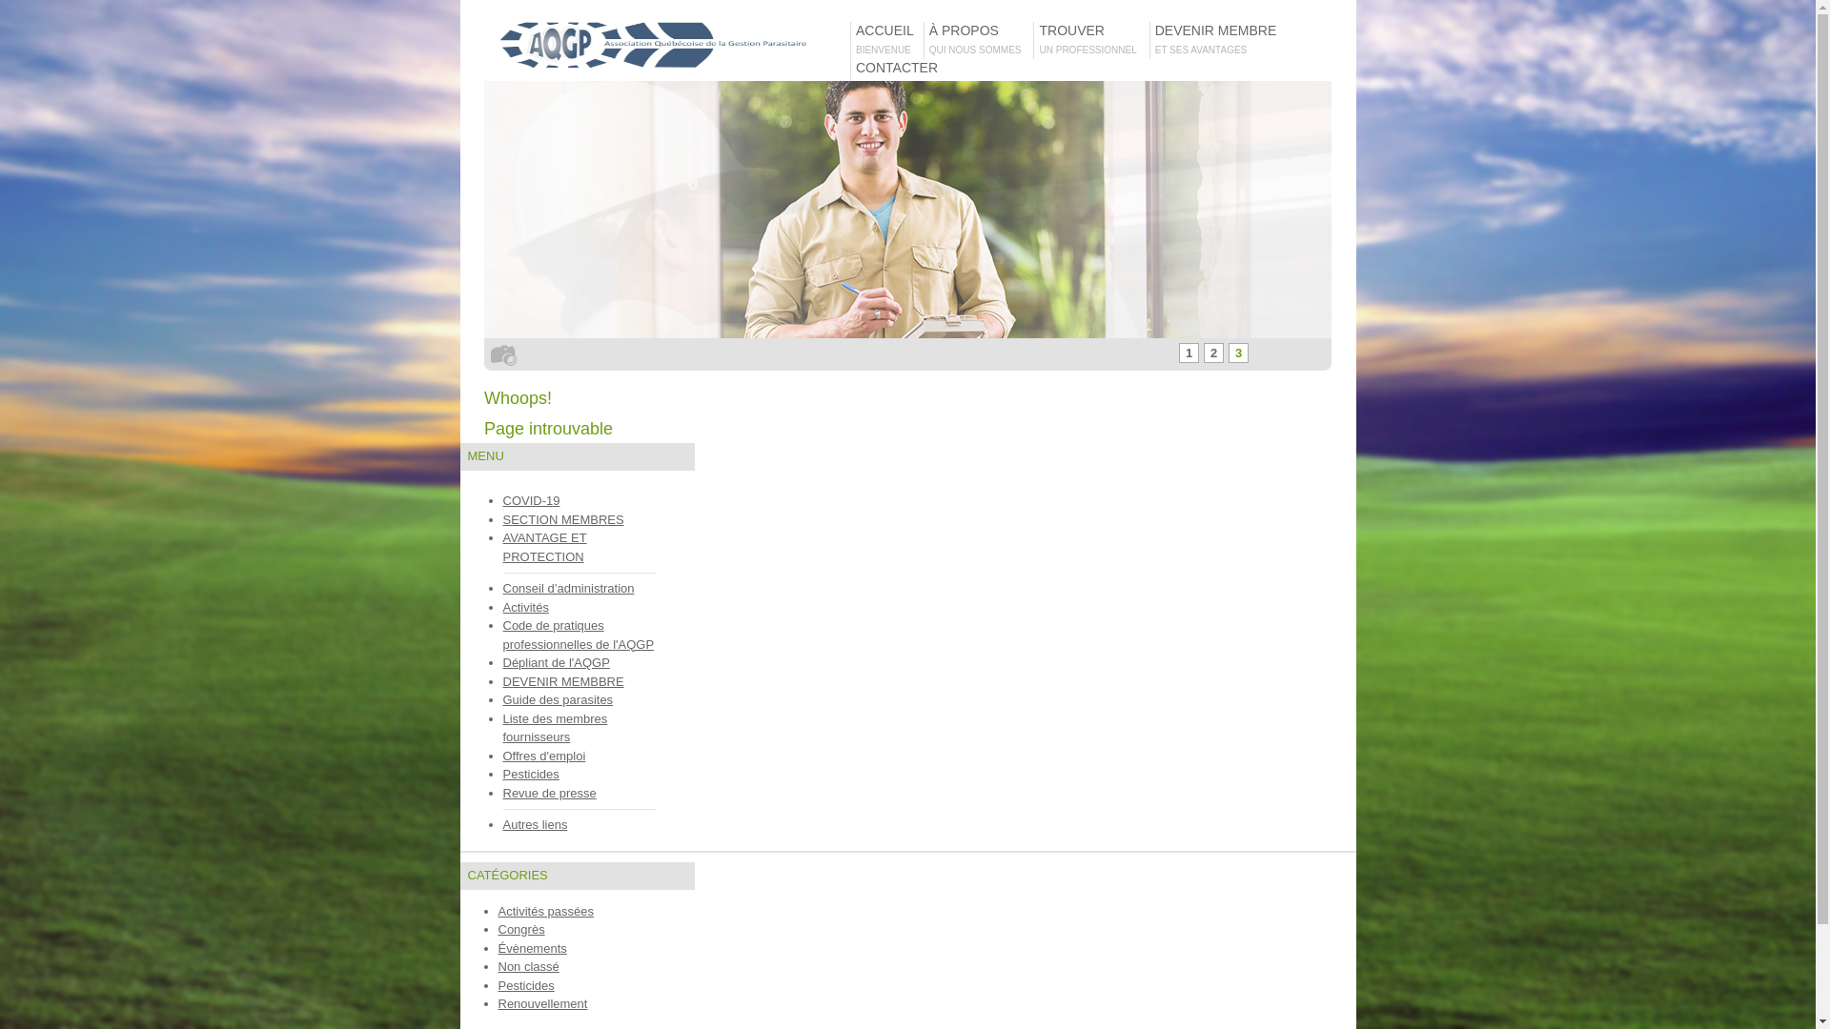  I want to click on 'ACCUEIL, so click(886, 40).